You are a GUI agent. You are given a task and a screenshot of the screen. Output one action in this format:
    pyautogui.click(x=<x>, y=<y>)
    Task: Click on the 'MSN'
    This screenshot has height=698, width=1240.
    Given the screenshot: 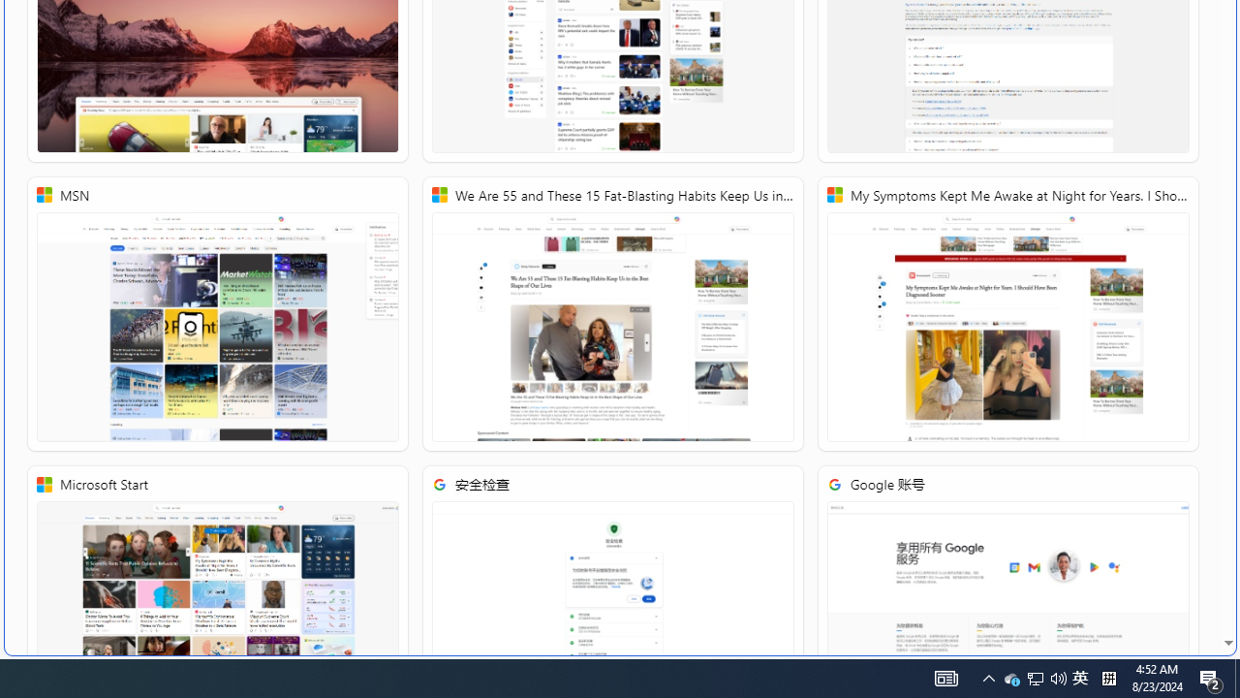 What is the action you would take?
    pyautogui.click(x=218, y=313)
    